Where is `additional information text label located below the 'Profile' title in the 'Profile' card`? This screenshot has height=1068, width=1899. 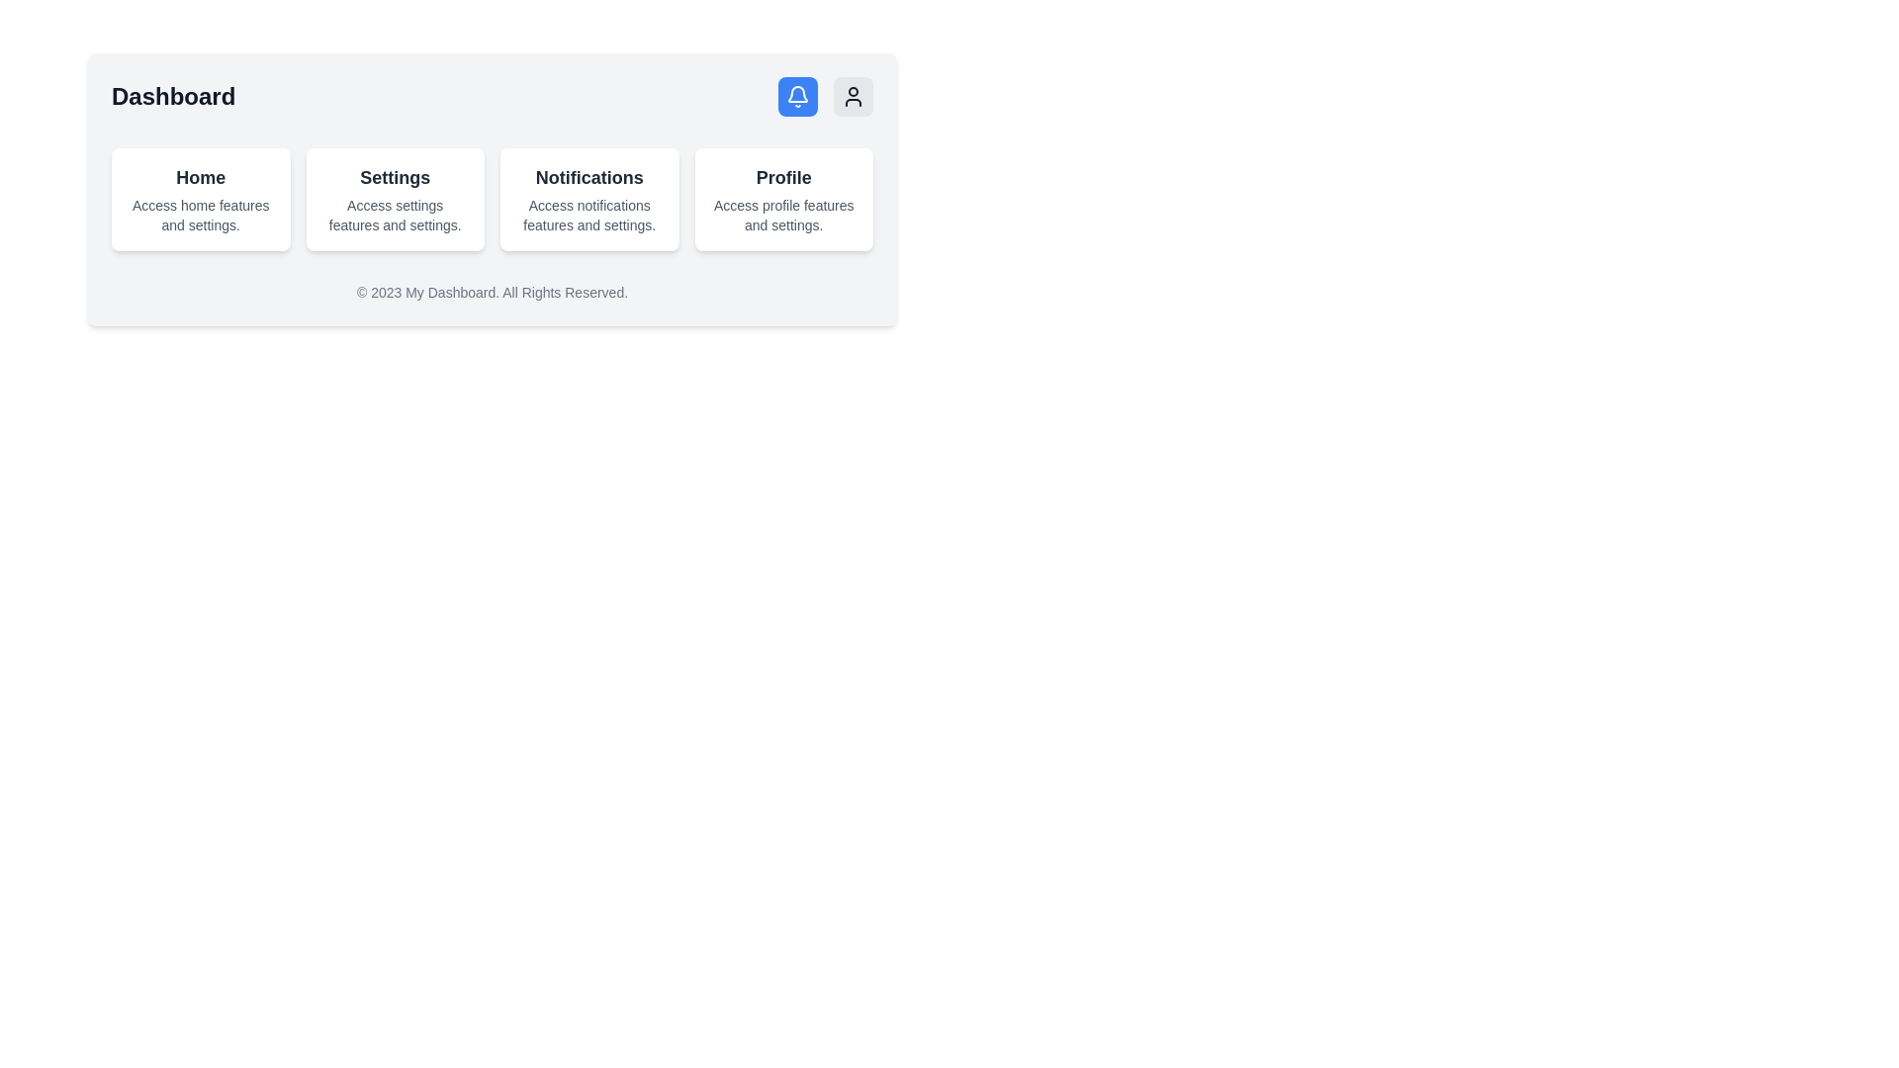
additional information text label located below the 'Profile' title in the 'Profile' card is located at coordinates (782, 216).